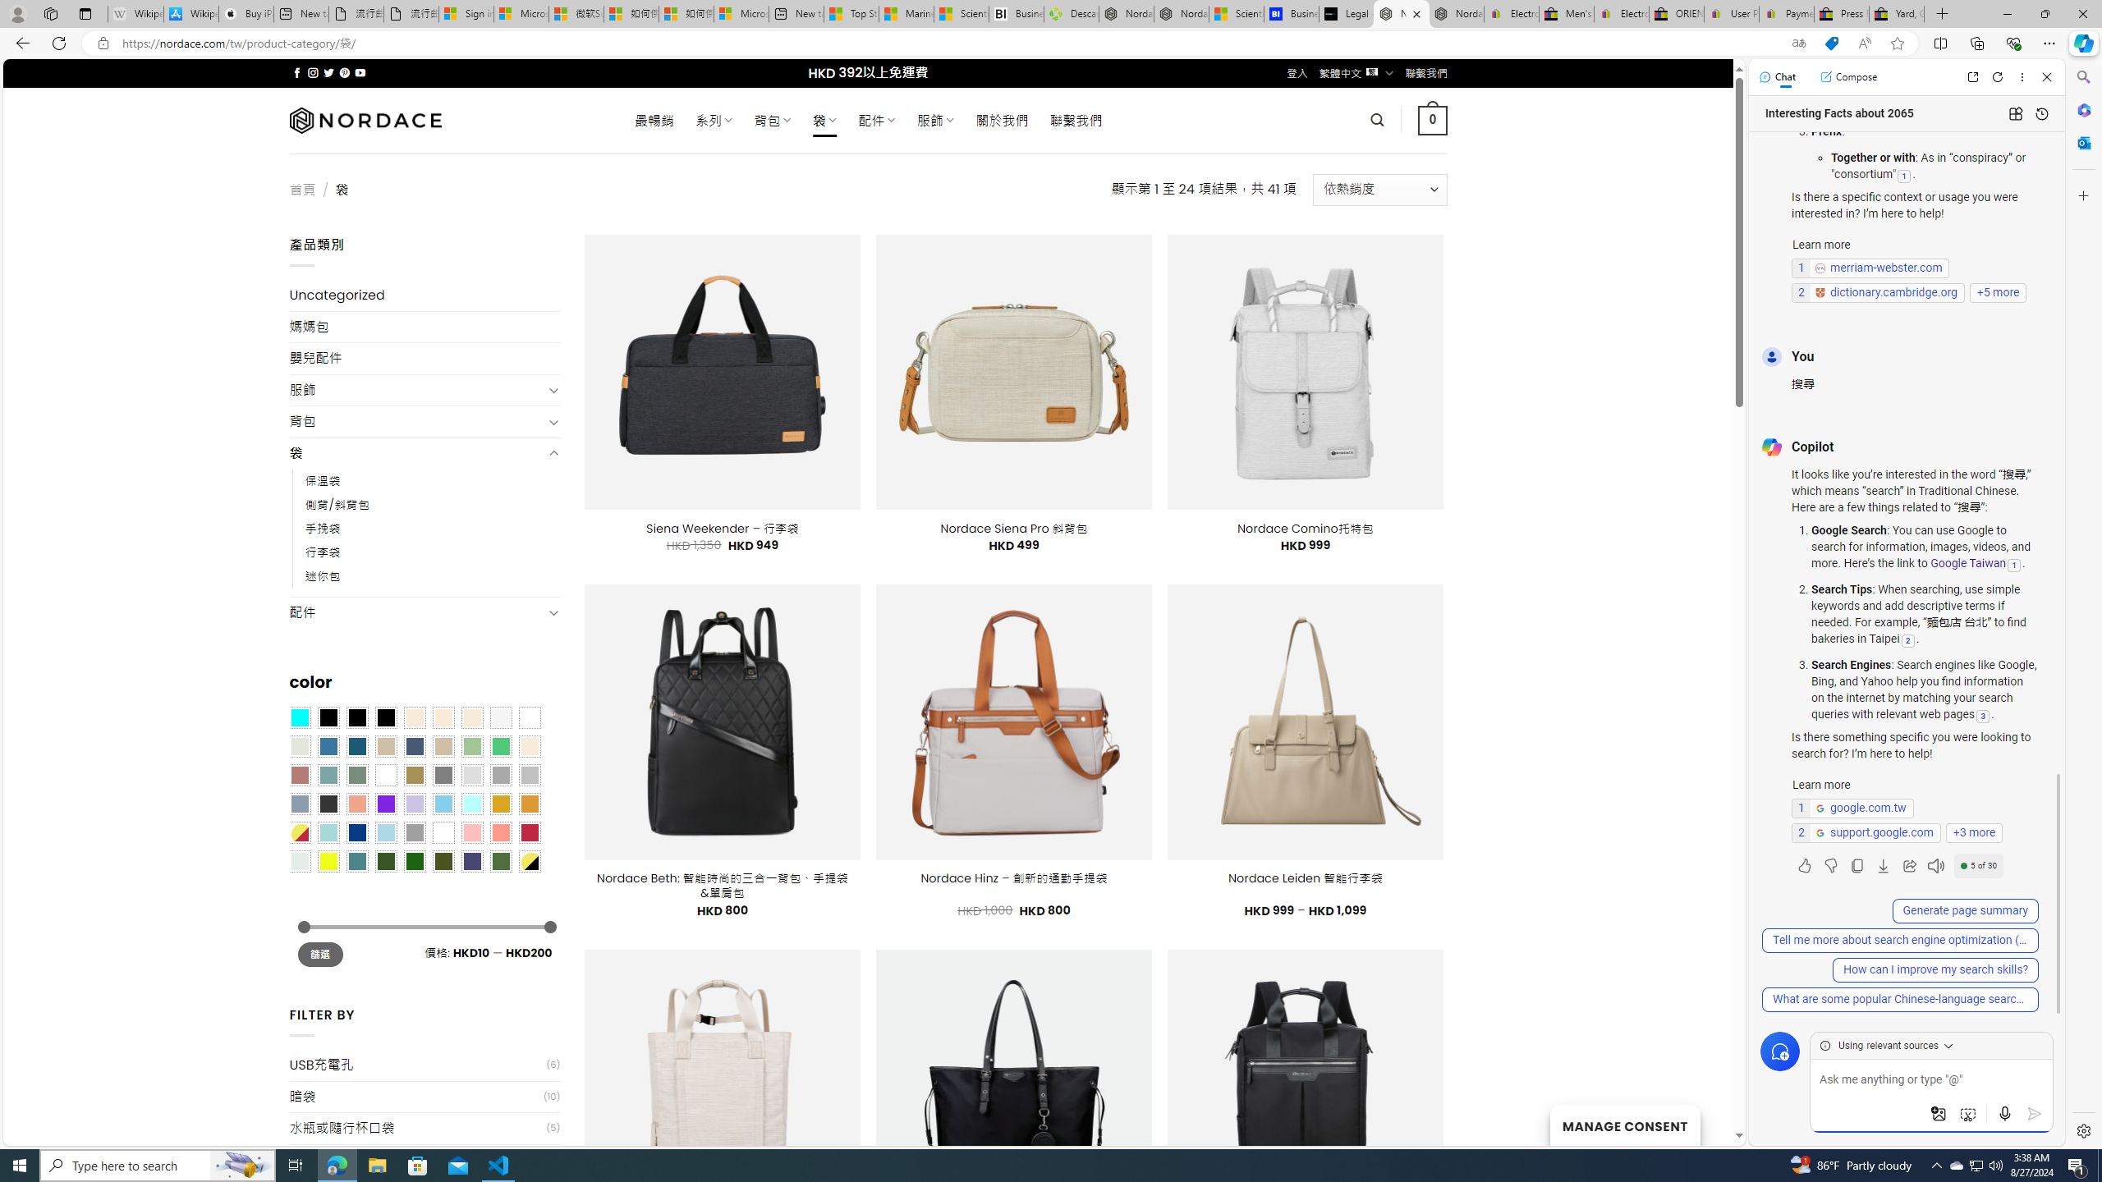 This screenshot has width=2102, height=1182. What do you see at coordinates (360, 72) in the screenshot?
I see `'Follow on YouTube'` at bounding box center [360, 72].